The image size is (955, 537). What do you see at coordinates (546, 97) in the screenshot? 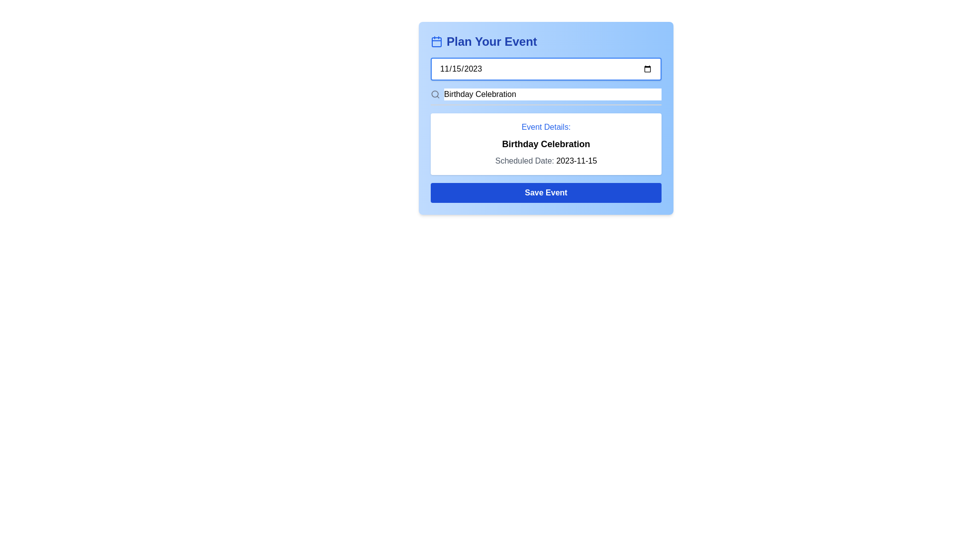
I see `the interactive text input field labeled 'Event Name' to focus on it, which currently displays 'Birthday Celebration'` at bounding box center [546, 97].